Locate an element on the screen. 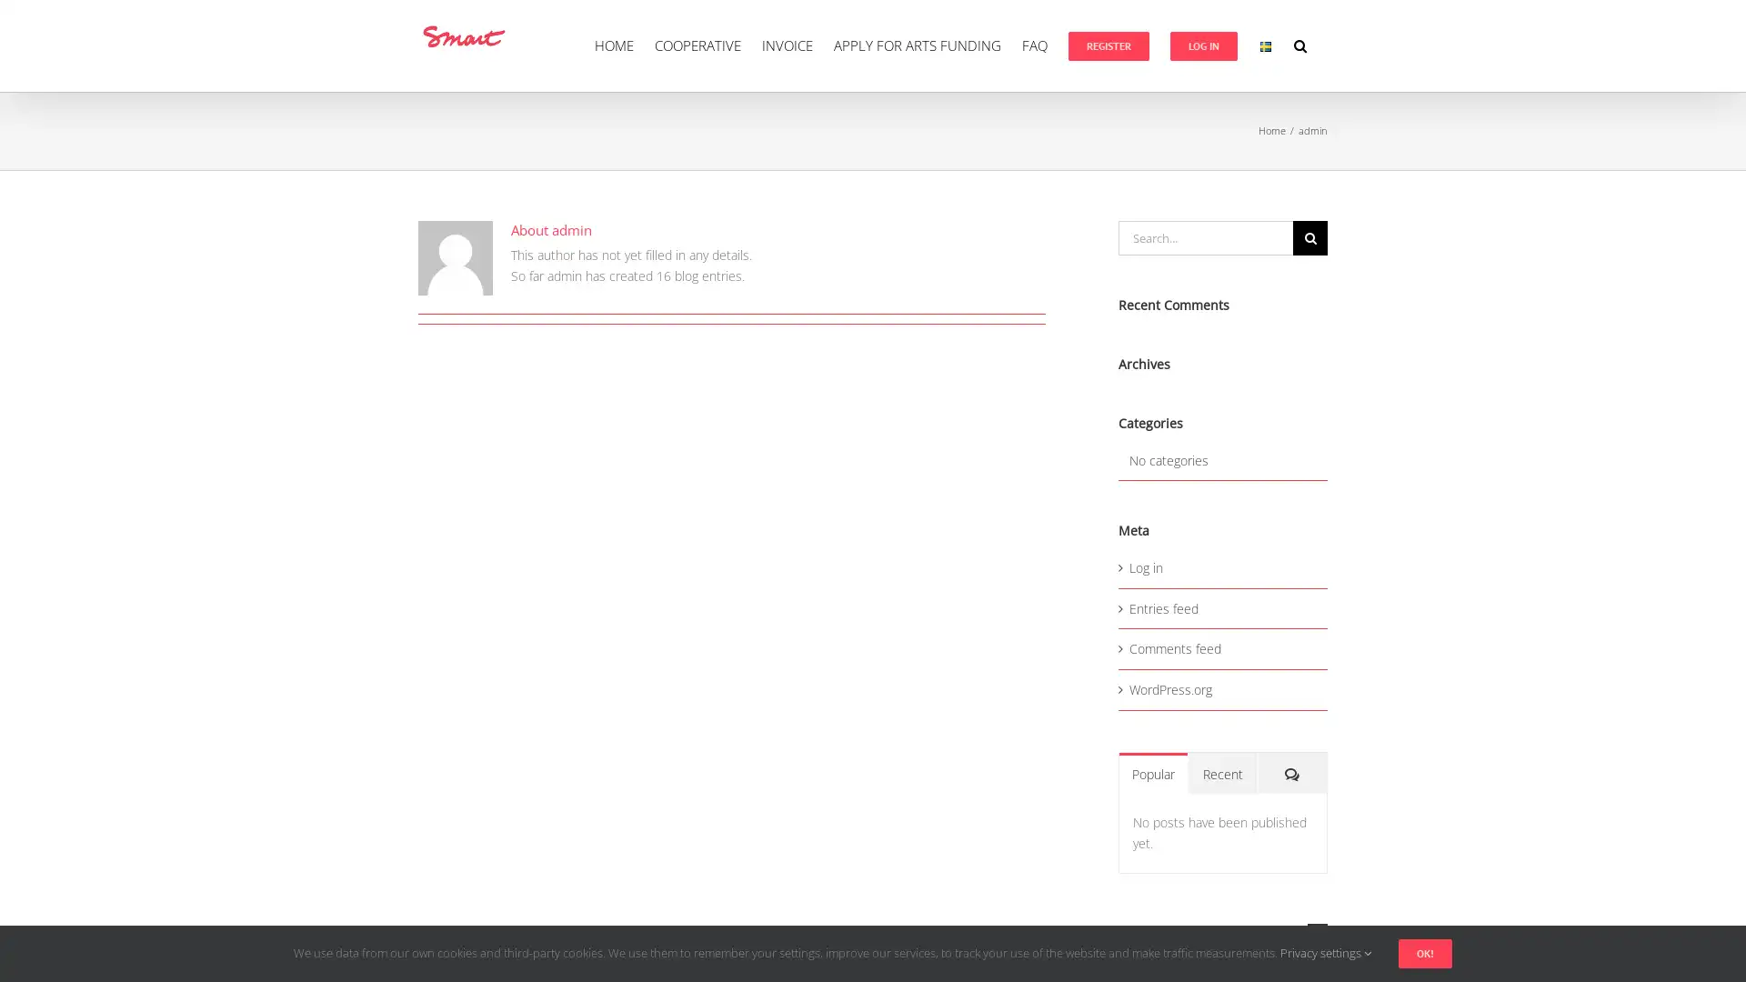 The image size is (1746, 982). Search is located at coordinates (1309, 237).